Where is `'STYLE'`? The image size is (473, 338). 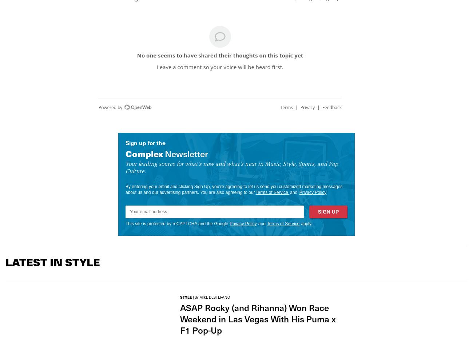 'STYLE' is located at coordinates (186, 296).